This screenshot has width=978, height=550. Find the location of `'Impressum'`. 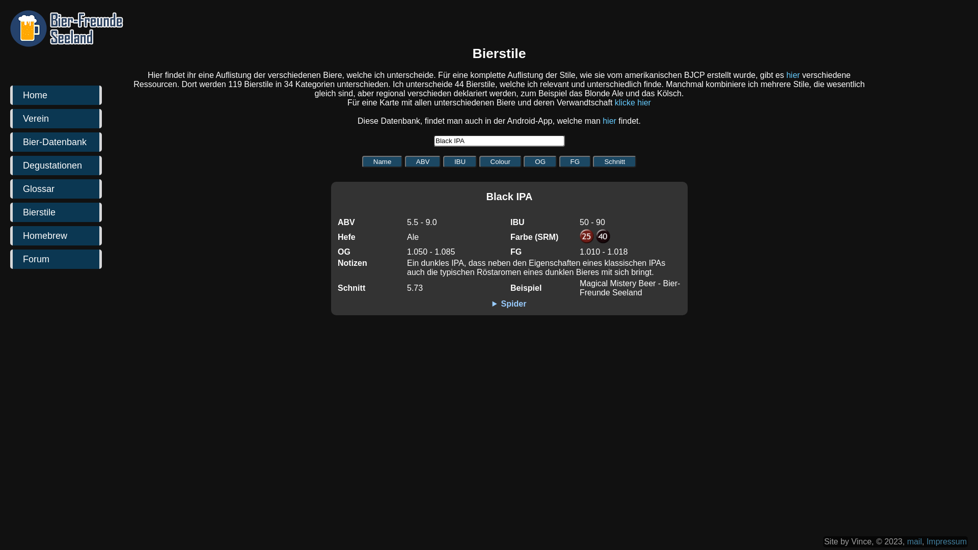

'Impressum' is located at coordinates (927, 541).